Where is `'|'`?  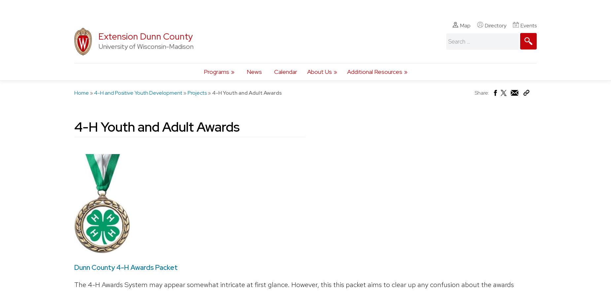 '|' is located at coordinates (83, 7).